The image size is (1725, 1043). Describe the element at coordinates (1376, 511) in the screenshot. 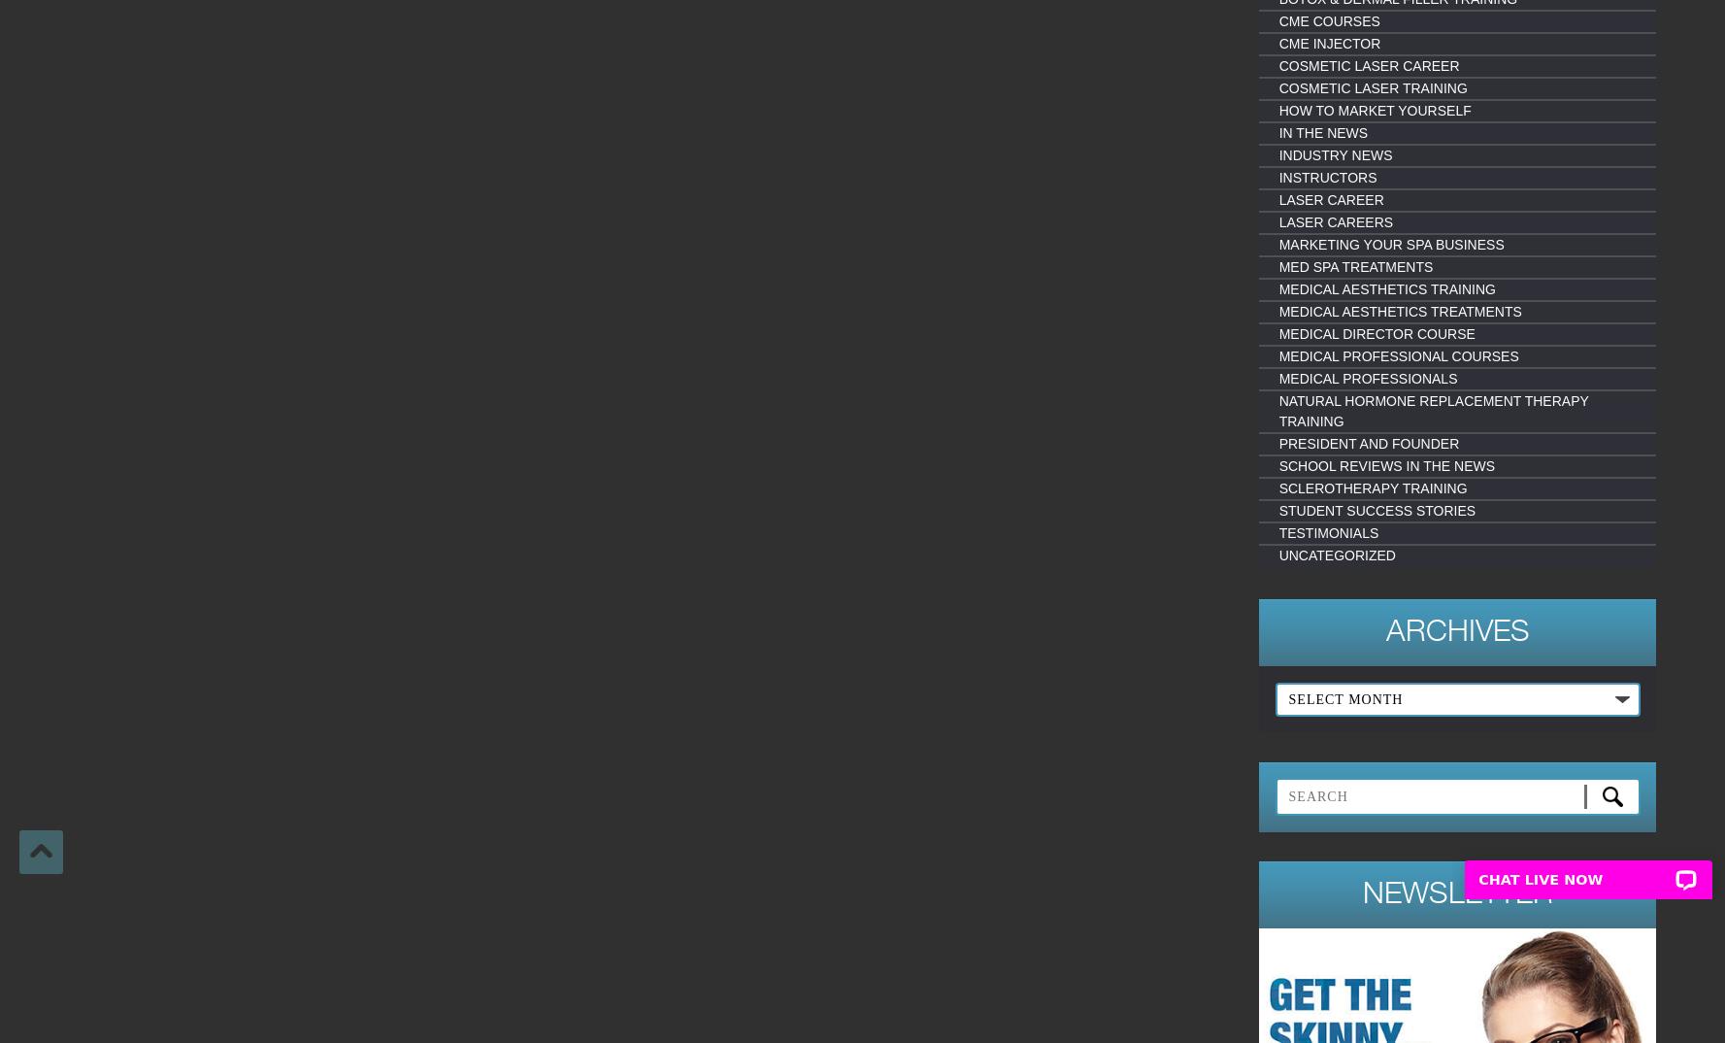

I see `'Student Success Stories'` at that location.